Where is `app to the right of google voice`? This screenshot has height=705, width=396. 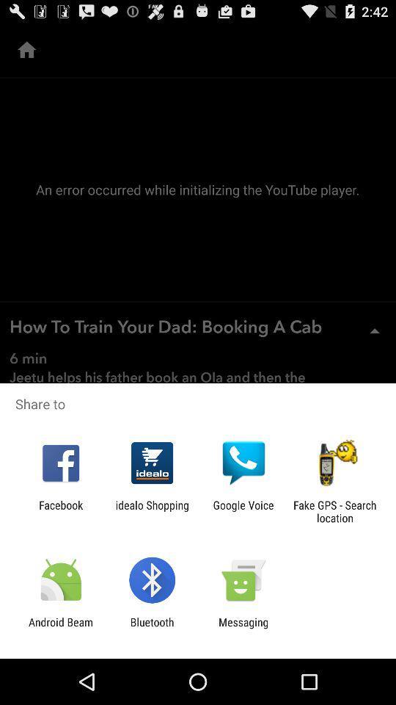
app to the right of google voice is located at coordinates (334, 511).